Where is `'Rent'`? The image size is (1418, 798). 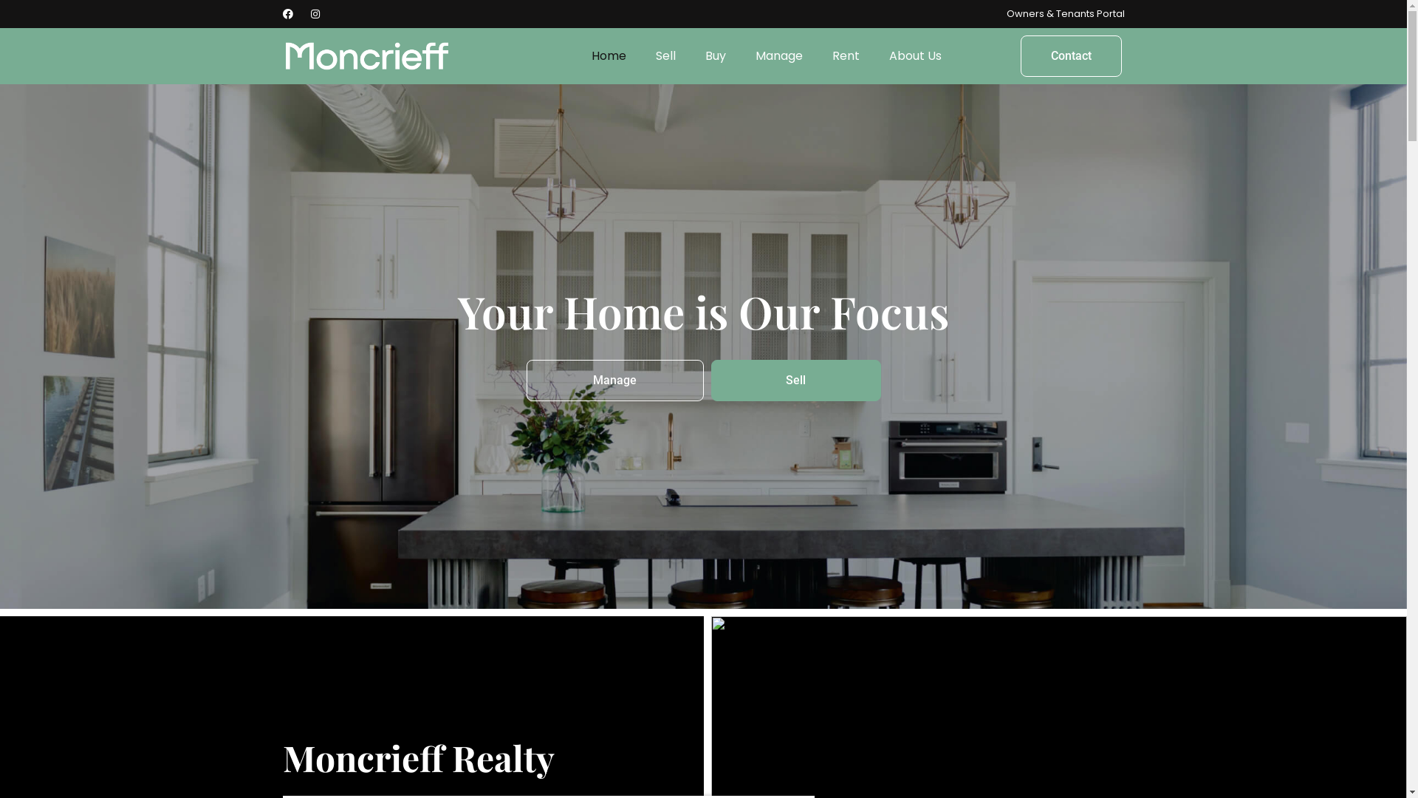 'Rent' is located at coordinates (845, 55).